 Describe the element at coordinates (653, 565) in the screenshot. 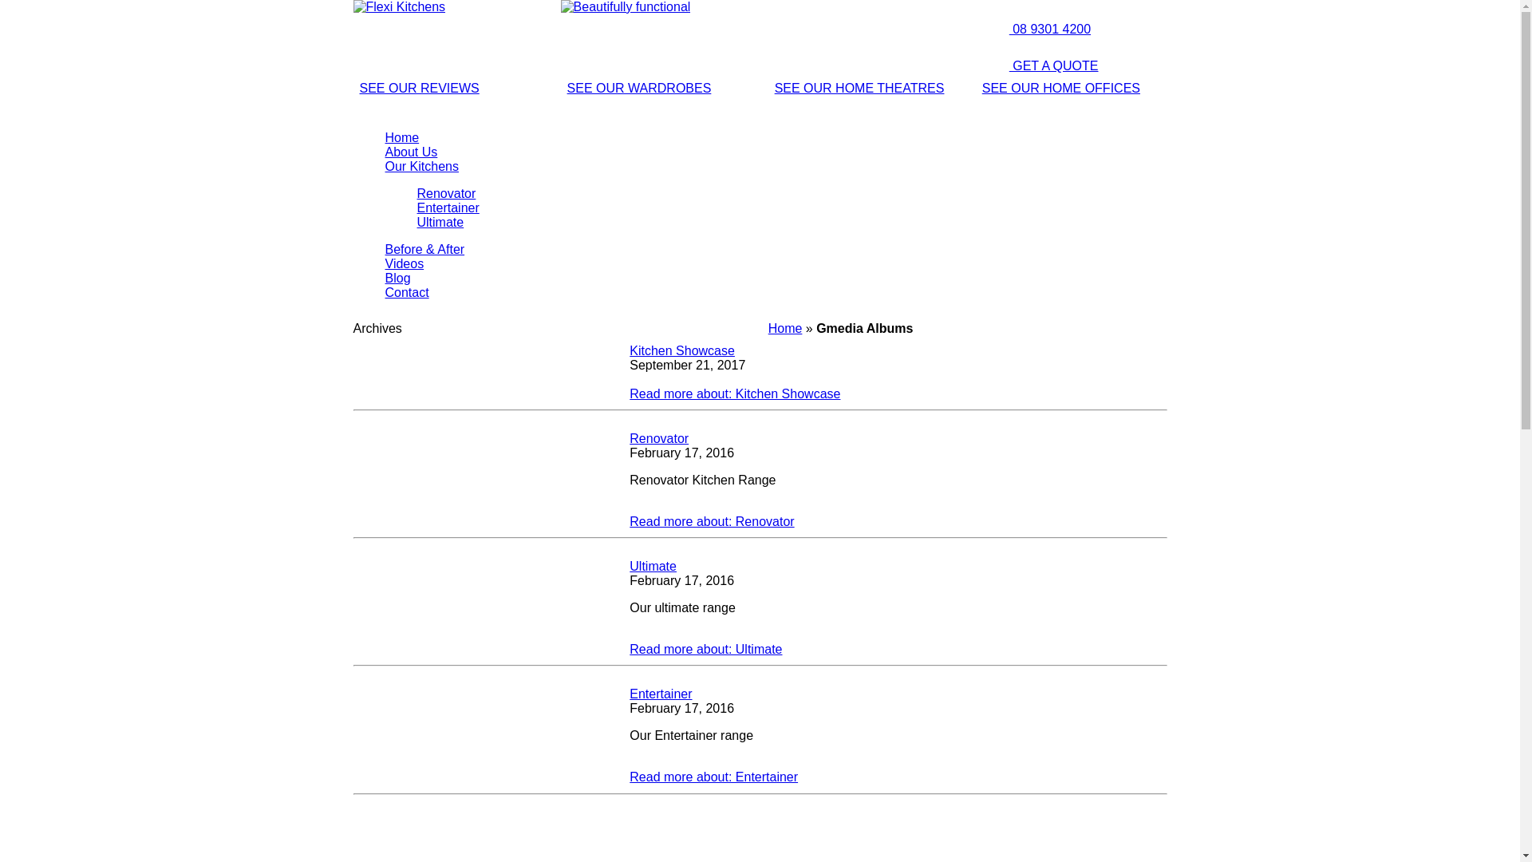

I see `'Ultimate'` at that location.